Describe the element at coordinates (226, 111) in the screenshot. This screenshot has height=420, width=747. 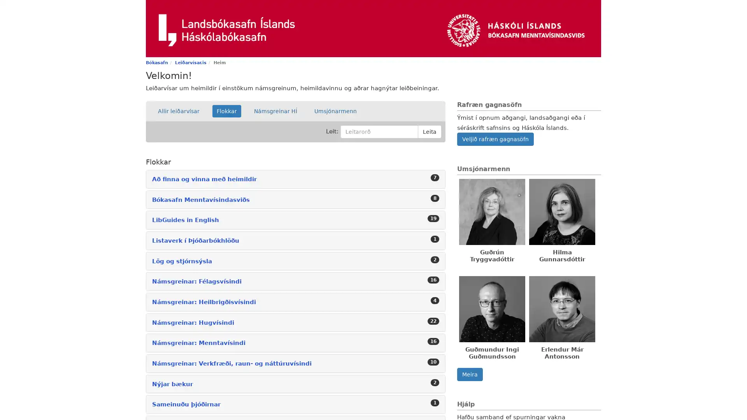
I see `Flokkar` at that location.